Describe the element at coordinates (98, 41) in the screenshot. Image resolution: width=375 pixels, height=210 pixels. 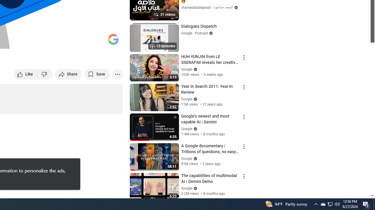
I see `'Theater mode (t)'` at that location.